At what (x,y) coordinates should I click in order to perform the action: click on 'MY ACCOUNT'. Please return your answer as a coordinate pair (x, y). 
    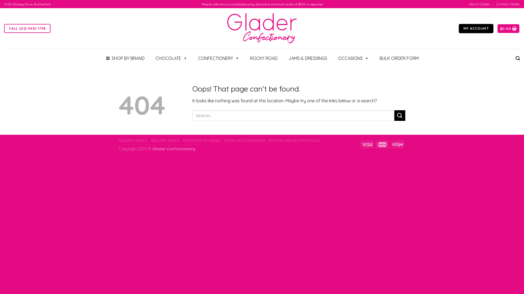
    Looking at the image, I should click on (458, 28).